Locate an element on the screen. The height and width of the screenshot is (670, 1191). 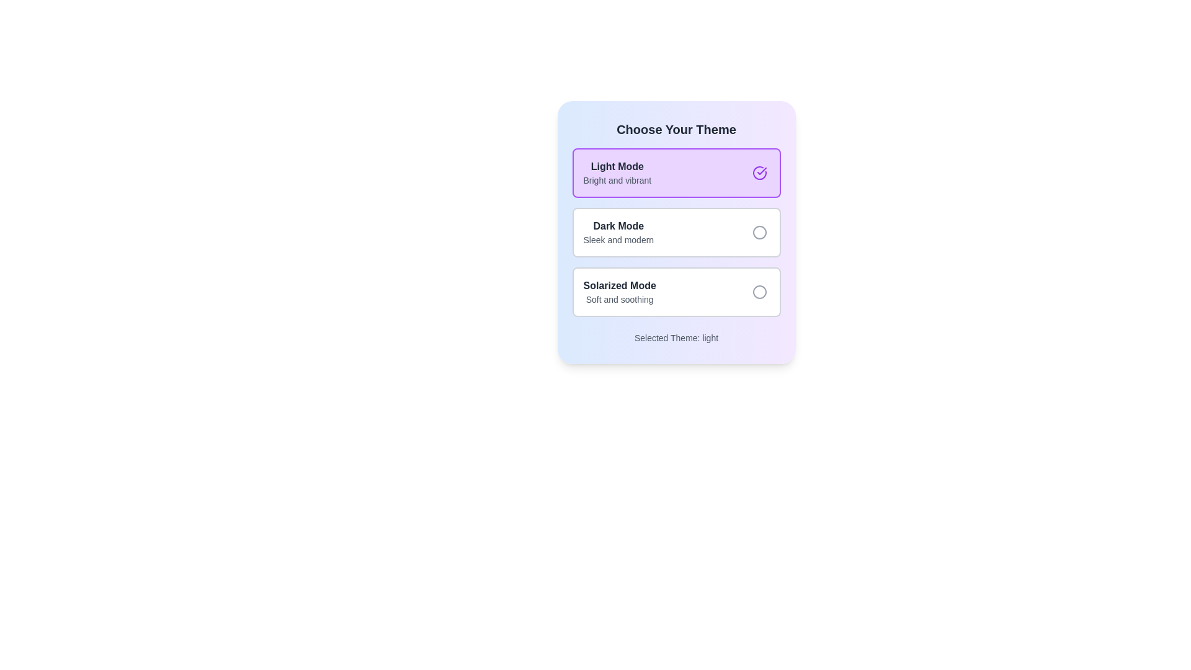
text displayed in the 'Light Mode' text label, which is styled in bold gray font and positioned at the top of its section is located at coordinates (617, 166).